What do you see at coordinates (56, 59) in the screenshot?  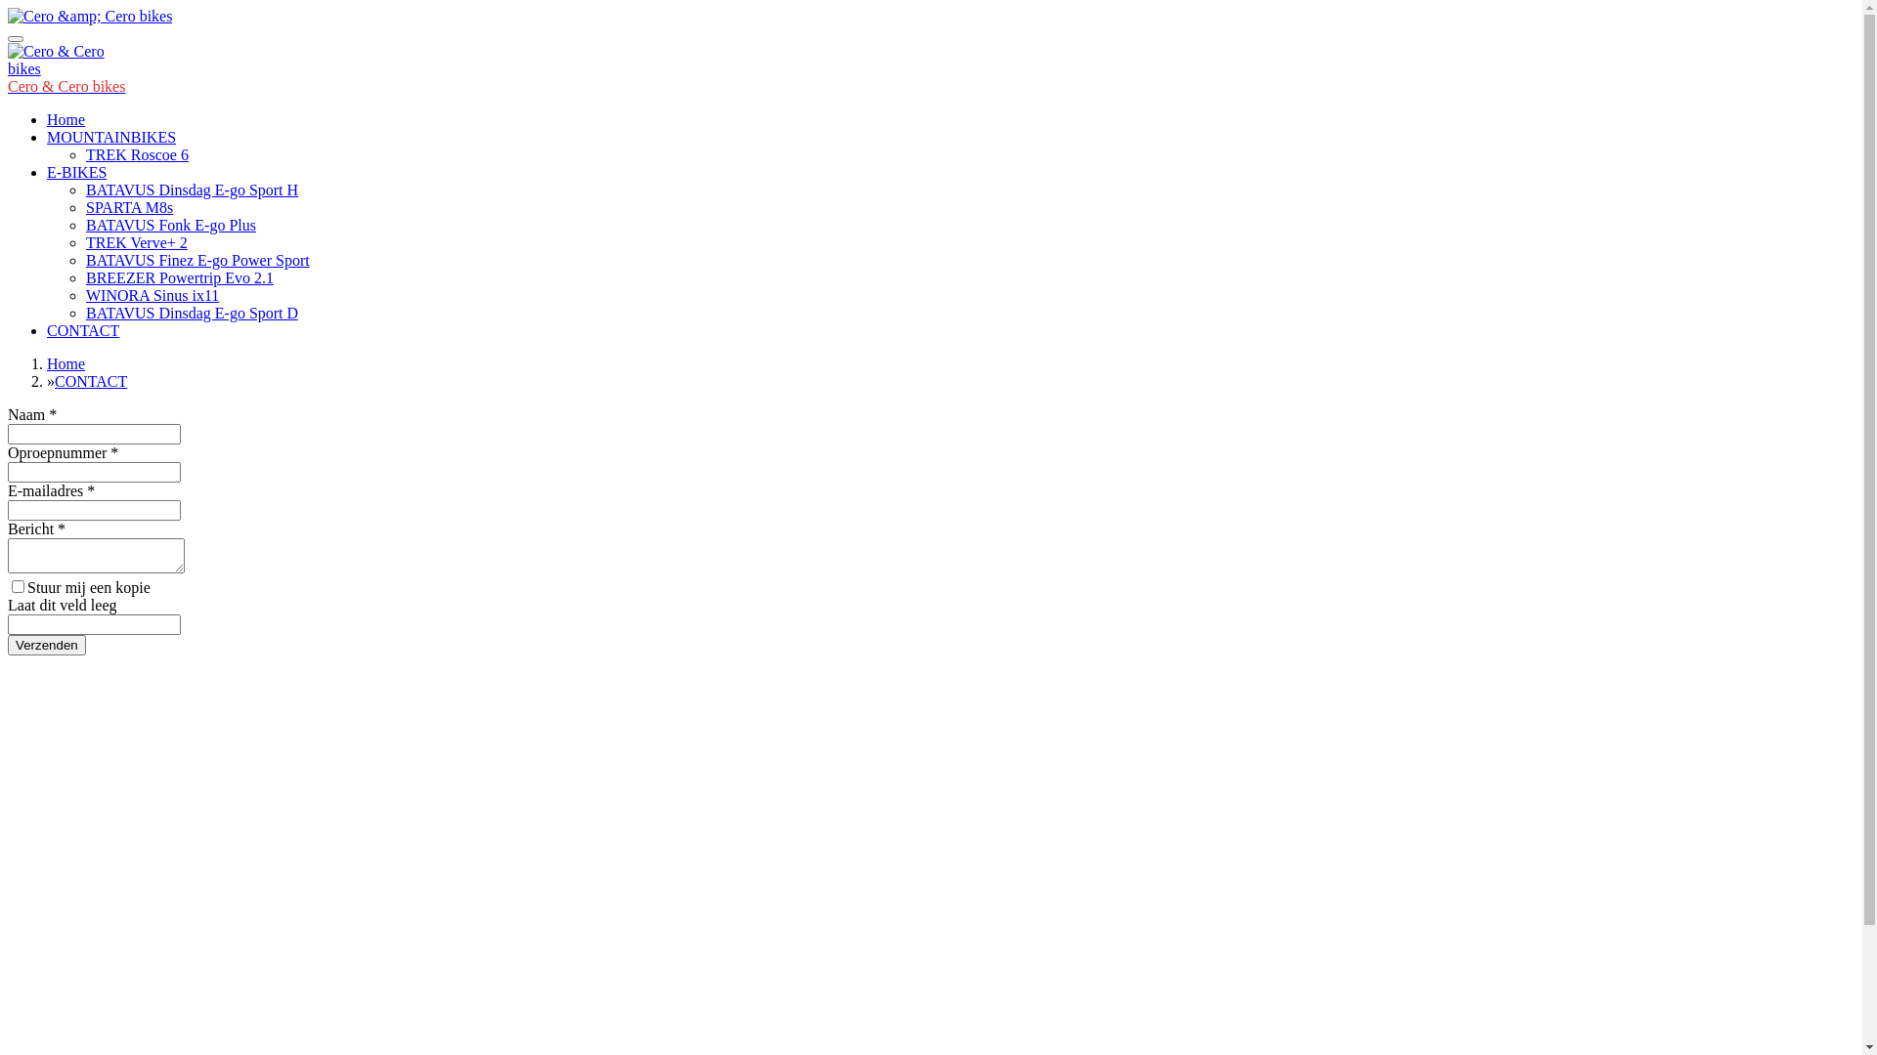 I see `'Cero & Cero bikes'` at bounding box center [56, 59].